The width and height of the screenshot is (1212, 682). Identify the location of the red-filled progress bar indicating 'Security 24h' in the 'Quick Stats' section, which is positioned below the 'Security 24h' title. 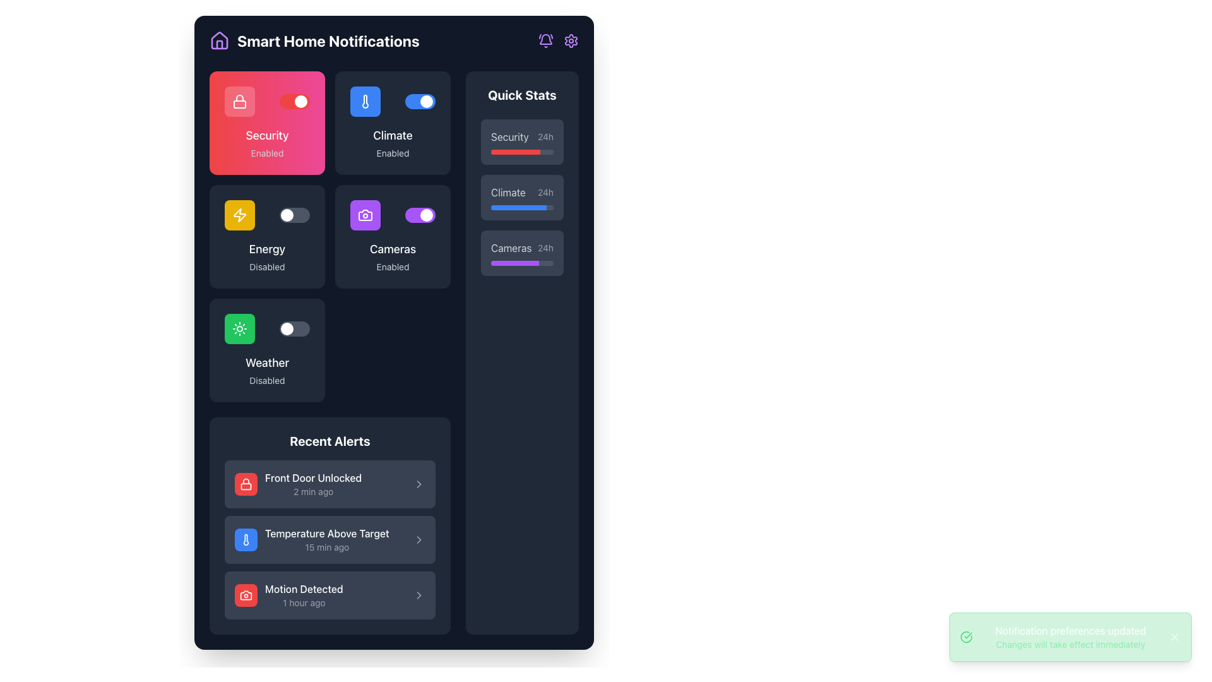
(522, 151).